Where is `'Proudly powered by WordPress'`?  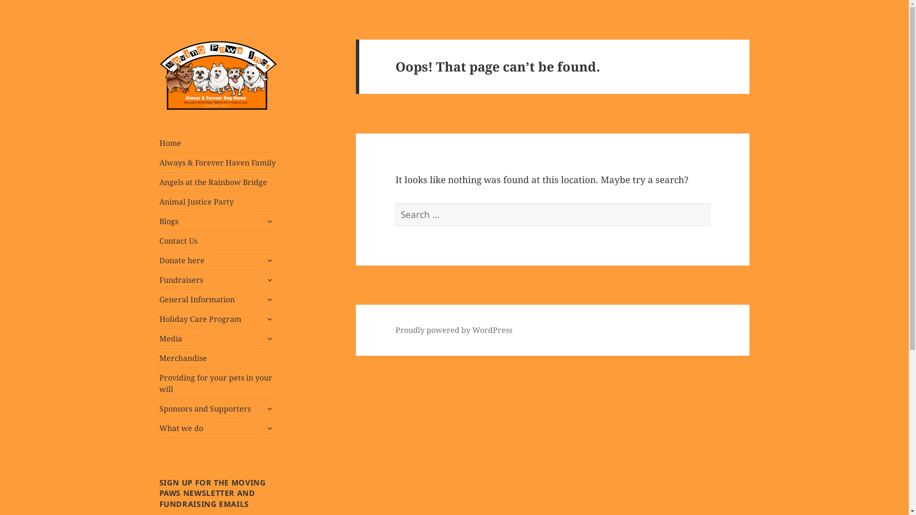 'Proudly powered by WordPress' is located at coordinates (453, 330).